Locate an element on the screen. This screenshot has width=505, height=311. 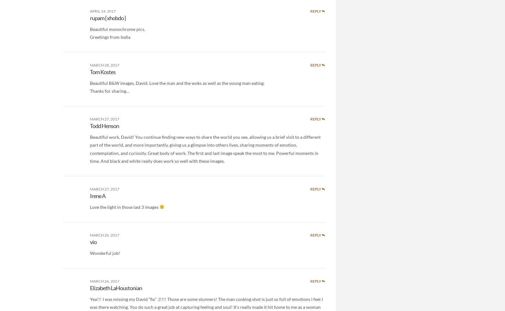
'Tom Kostes' is located at coordinates (90, 71).